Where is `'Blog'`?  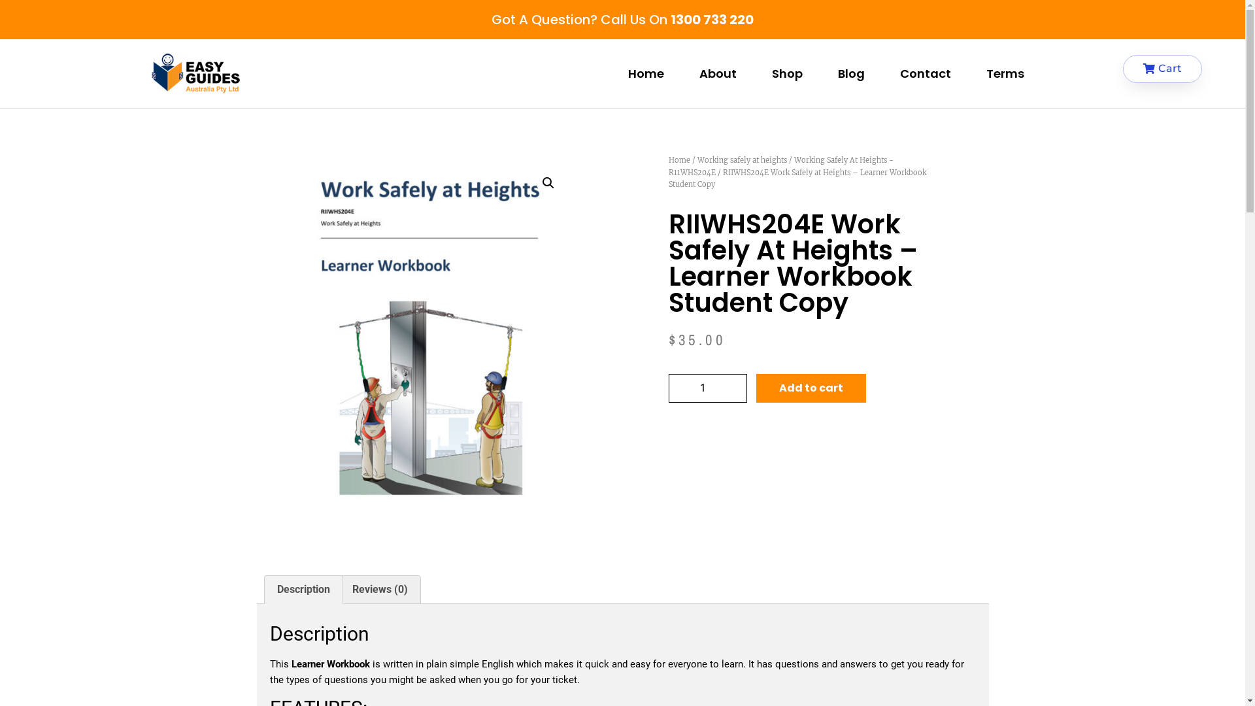 'Blog' is located at coordinates (850, 73).